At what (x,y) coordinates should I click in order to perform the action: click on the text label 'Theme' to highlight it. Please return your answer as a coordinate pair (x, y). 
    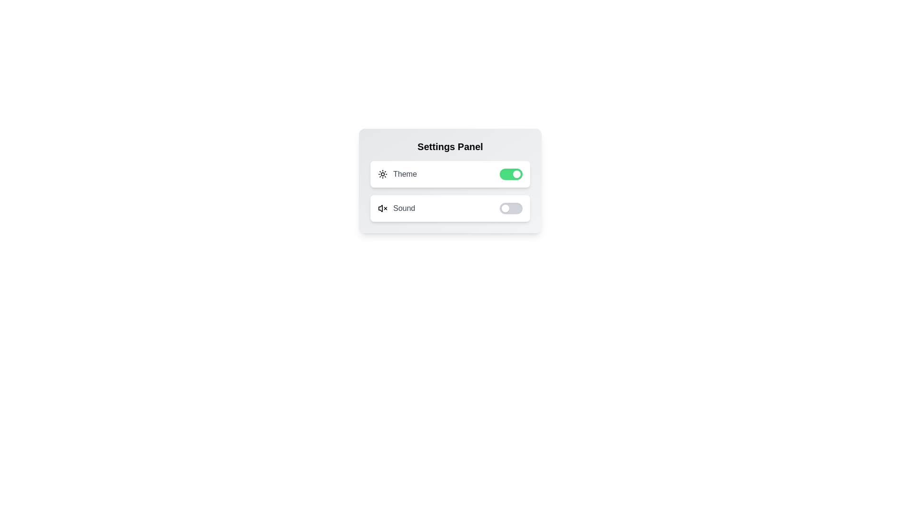
    Looking at the image, I should click on (404, 174).